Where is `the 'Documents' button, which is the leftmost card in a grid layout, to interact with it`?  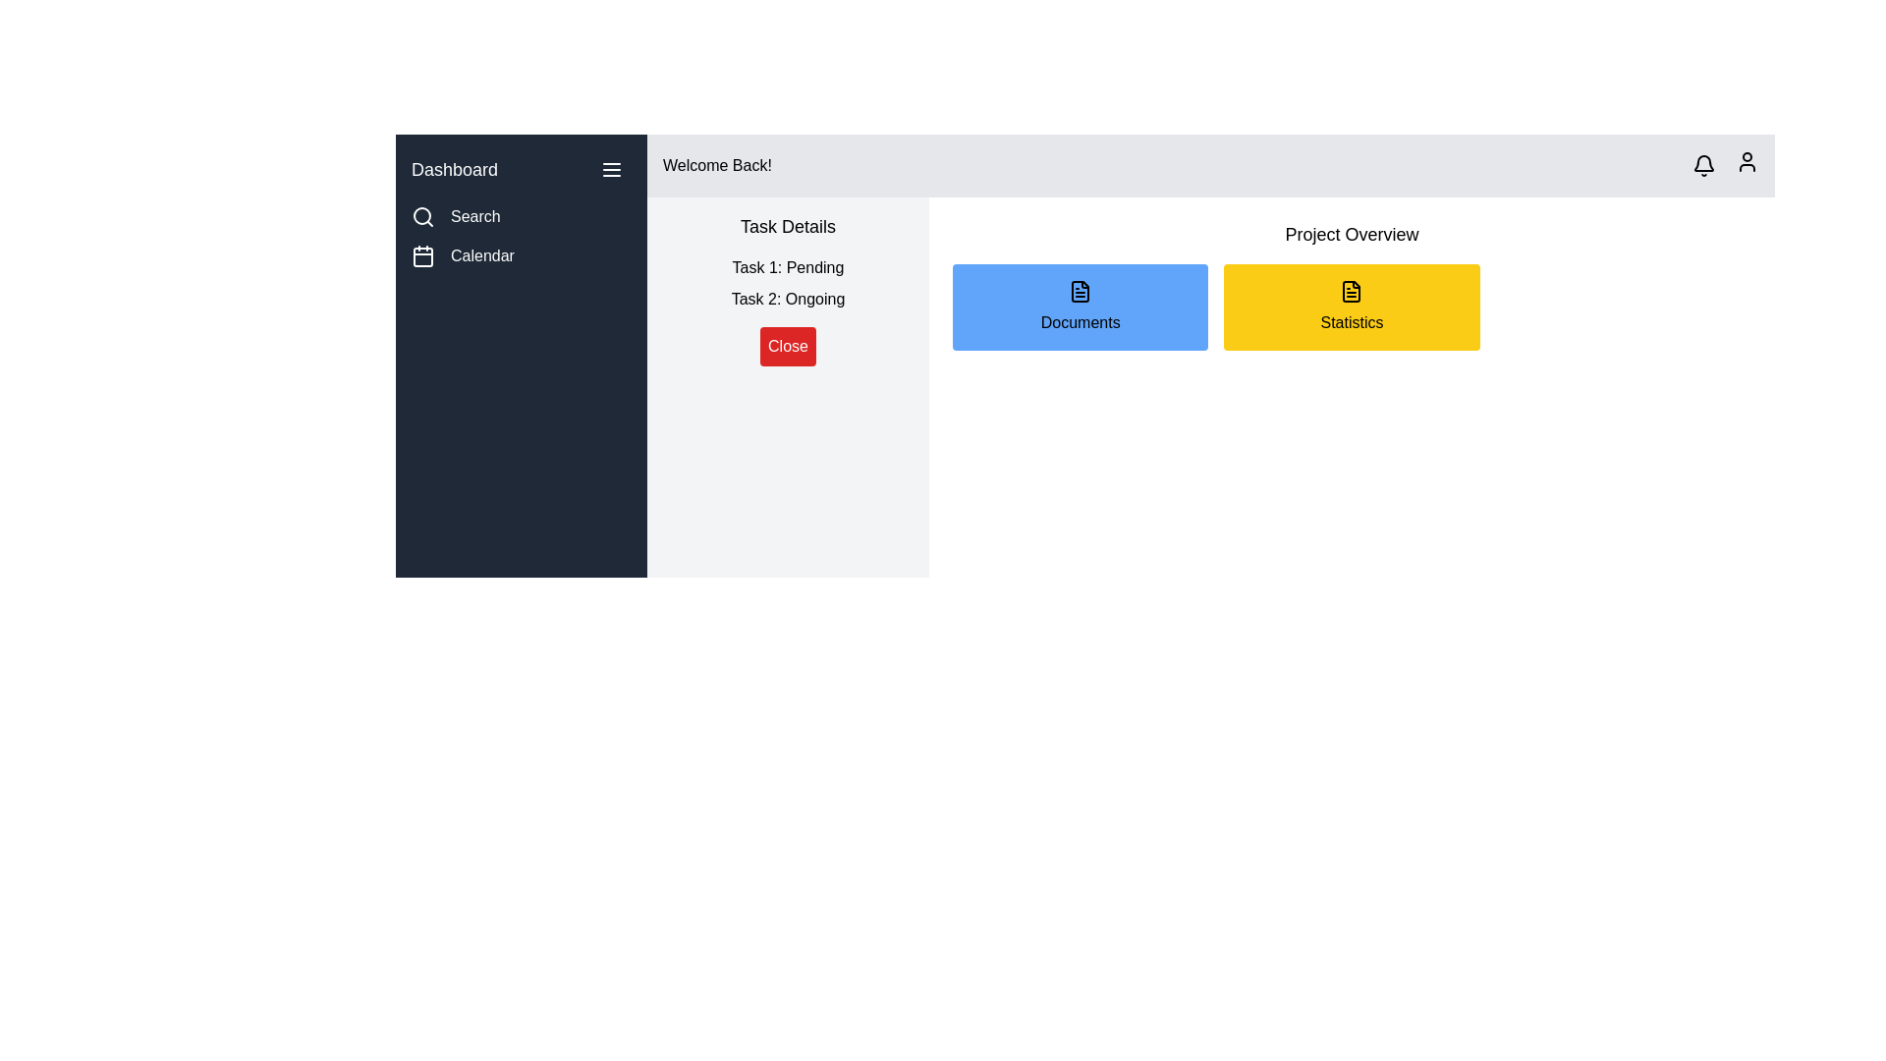 the 'Documents' button, which is the leftmost card in a grid layout, to interact with it is located at coordinates (1079, 307).